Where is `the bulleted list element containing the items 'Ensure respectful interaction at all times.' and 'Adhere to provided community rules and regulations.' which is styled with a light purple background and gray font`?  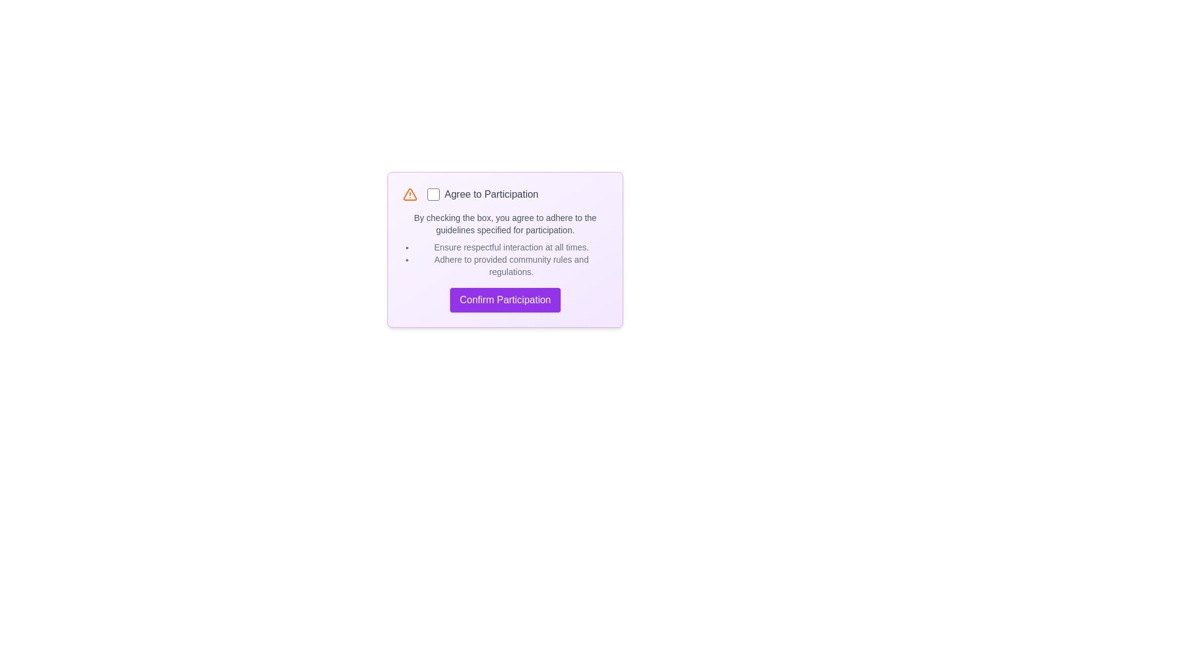
the bulleted list element containing the items 'Ensure respectful interaction at all times.' and 'Adhere to provided community rules and regulations.' which is styled with a light purple background and gray font is located at coordinates (505, 259).